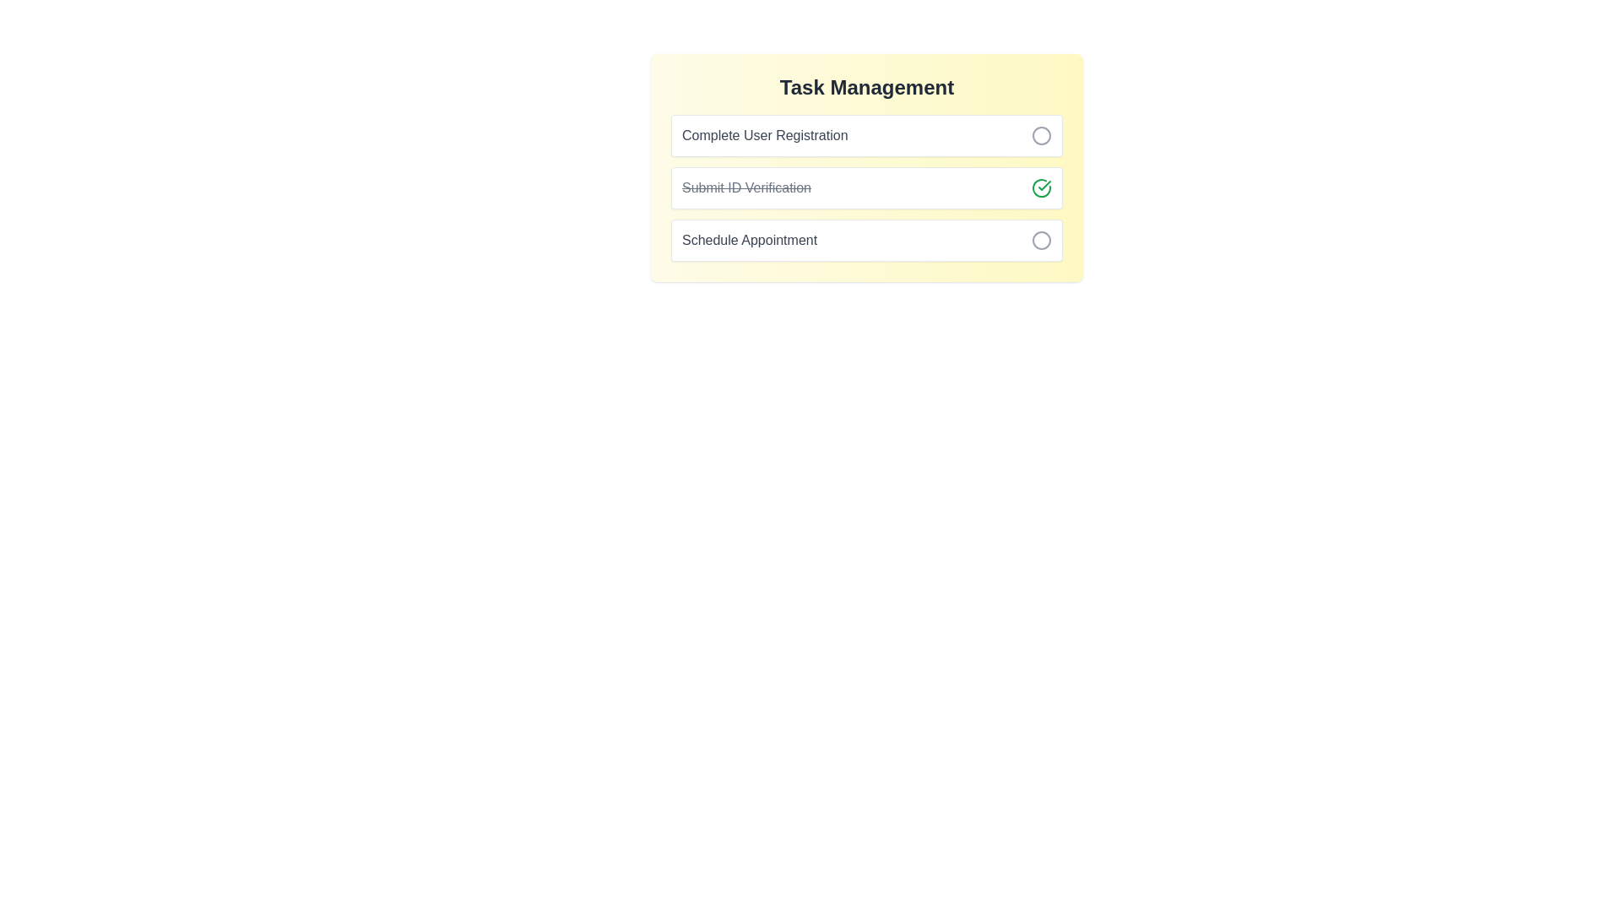 The height and width of the screenshot is (912, 1621). Describe the element at coordinates (867, 168) in the screenshot. I see `the second task item` at that location.